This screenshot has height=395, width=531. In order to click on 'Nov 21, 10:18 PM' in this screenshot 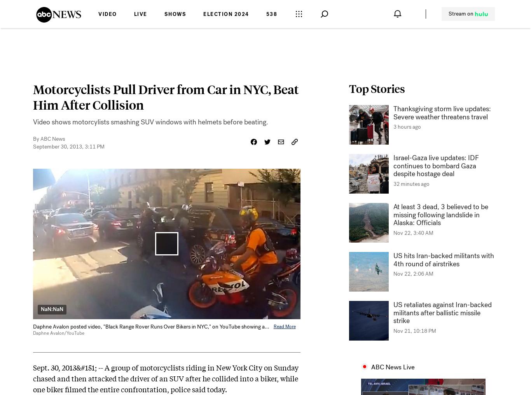, I will do `click(393, 331)`.